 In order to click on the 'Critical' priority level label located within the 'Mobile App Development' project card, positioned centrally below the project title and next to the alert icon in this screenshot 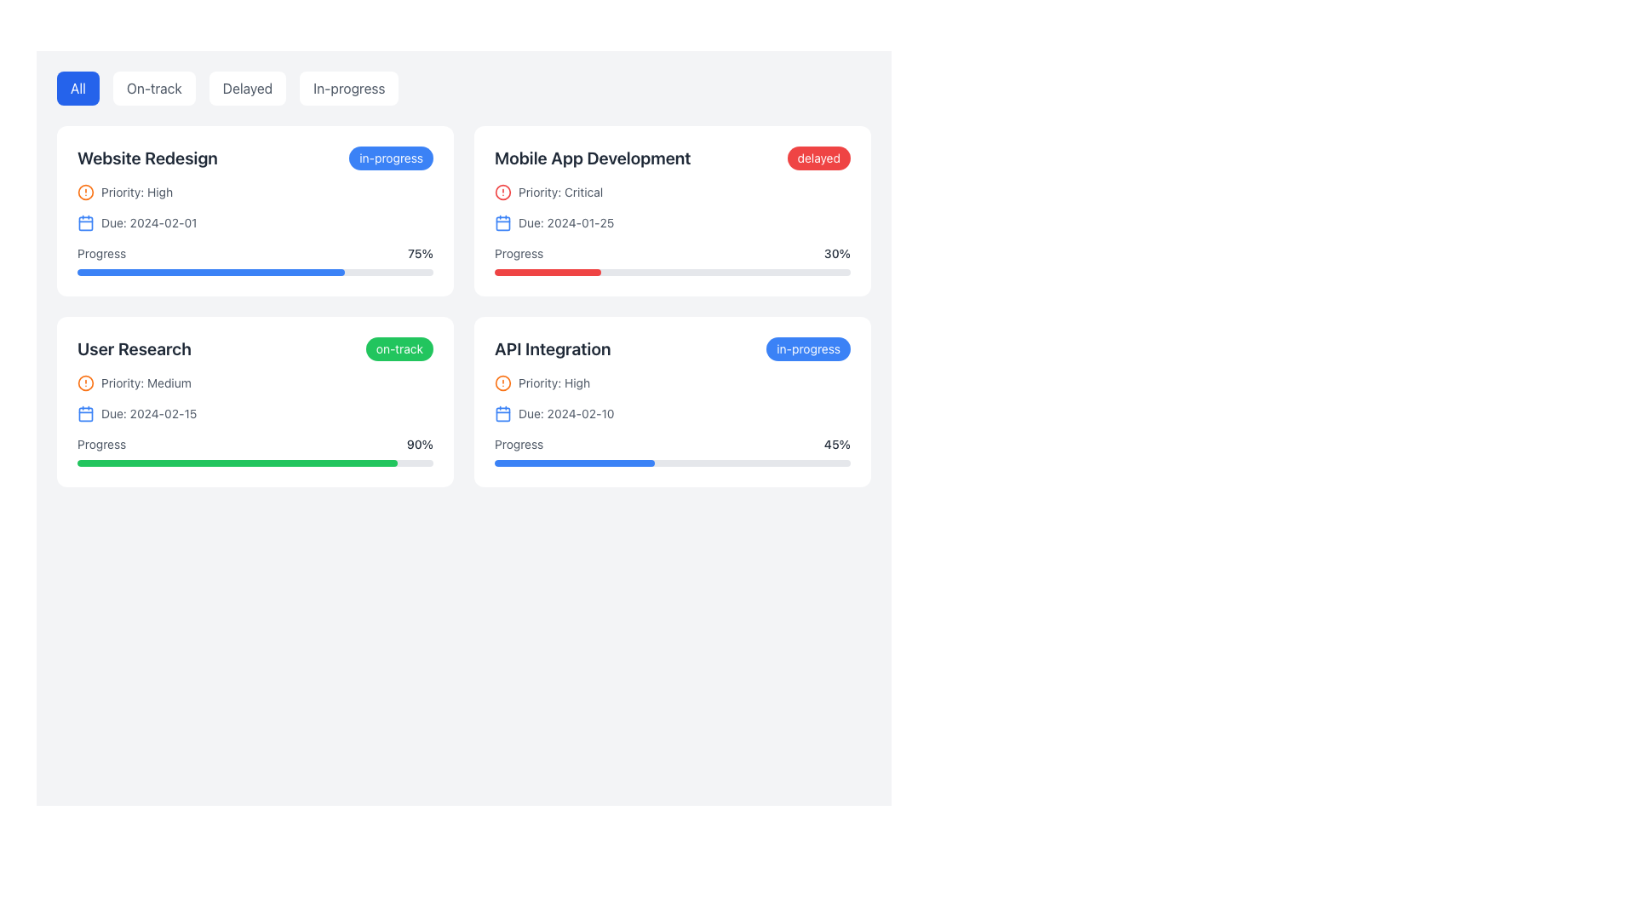, I will do `click(560, 192)`.